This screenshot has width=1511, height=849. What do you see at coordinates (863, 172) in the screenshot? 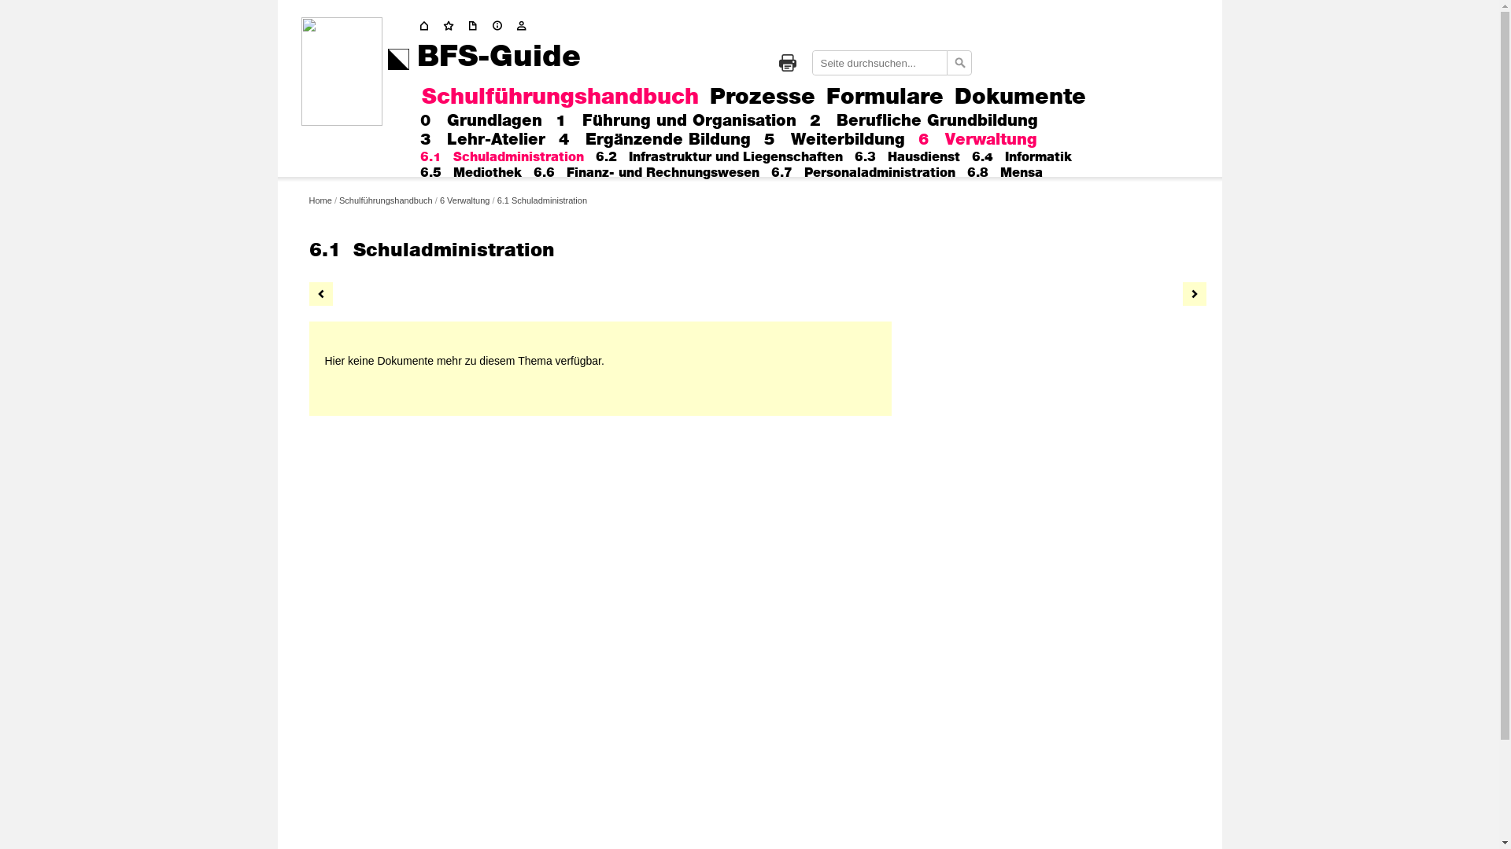
I see `'6.7   Personaladministration'` at bounding box center [863, 172].